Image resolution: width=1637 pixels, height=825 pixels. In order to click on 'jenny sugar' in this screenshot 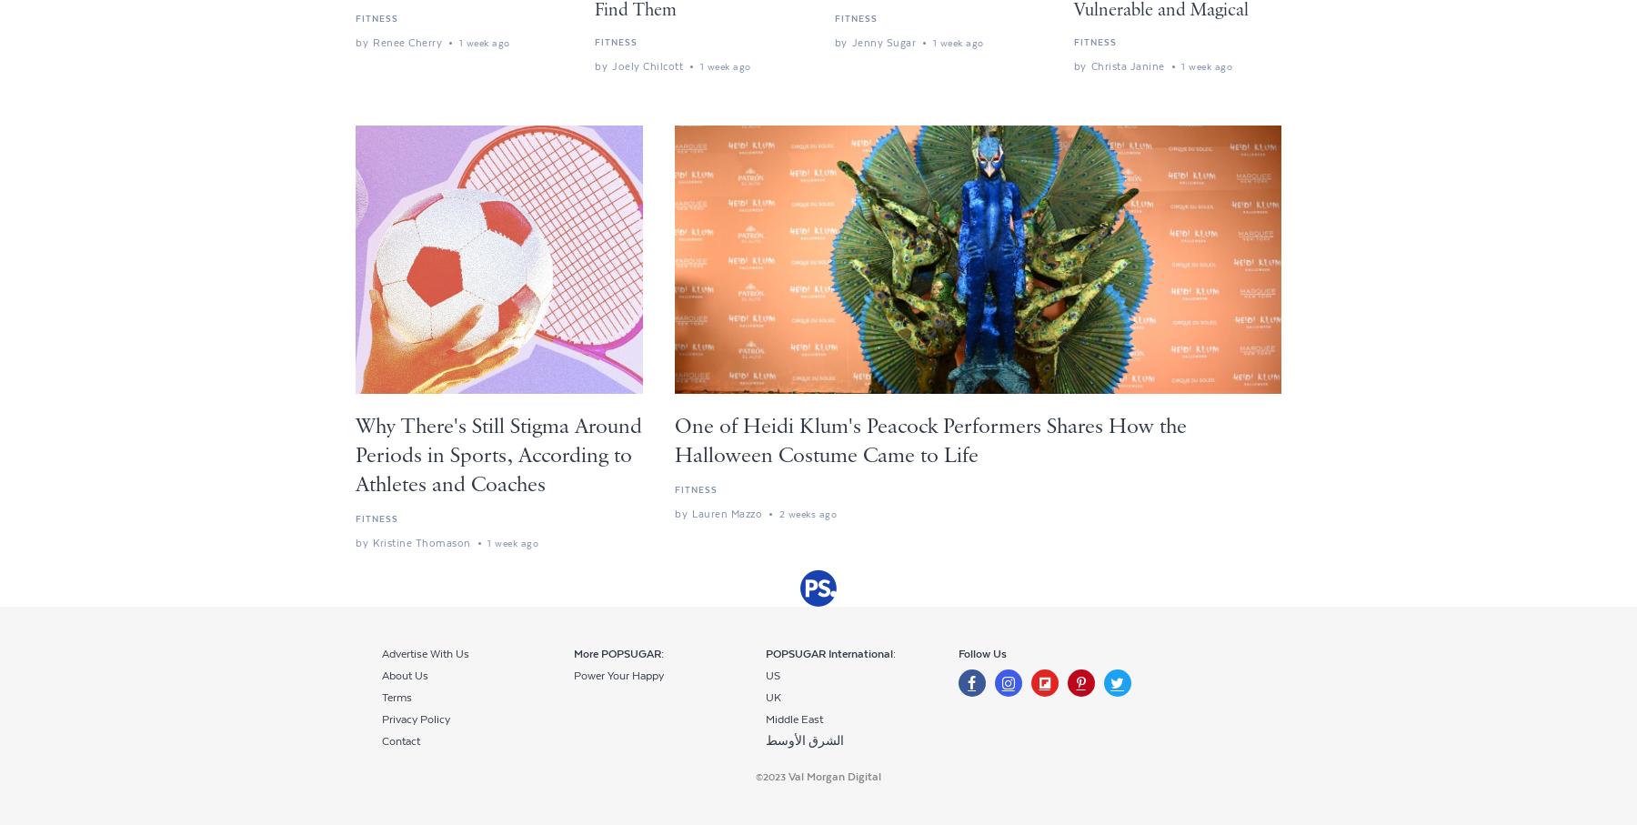, I will do `click(882, 42)`.